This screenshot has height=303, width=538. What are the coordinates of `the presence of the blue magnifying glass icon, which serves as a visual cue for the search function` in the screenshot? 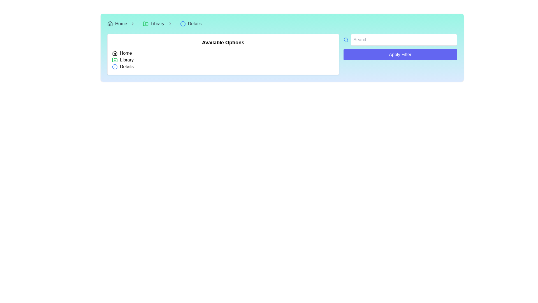 It's located at (345, 40).